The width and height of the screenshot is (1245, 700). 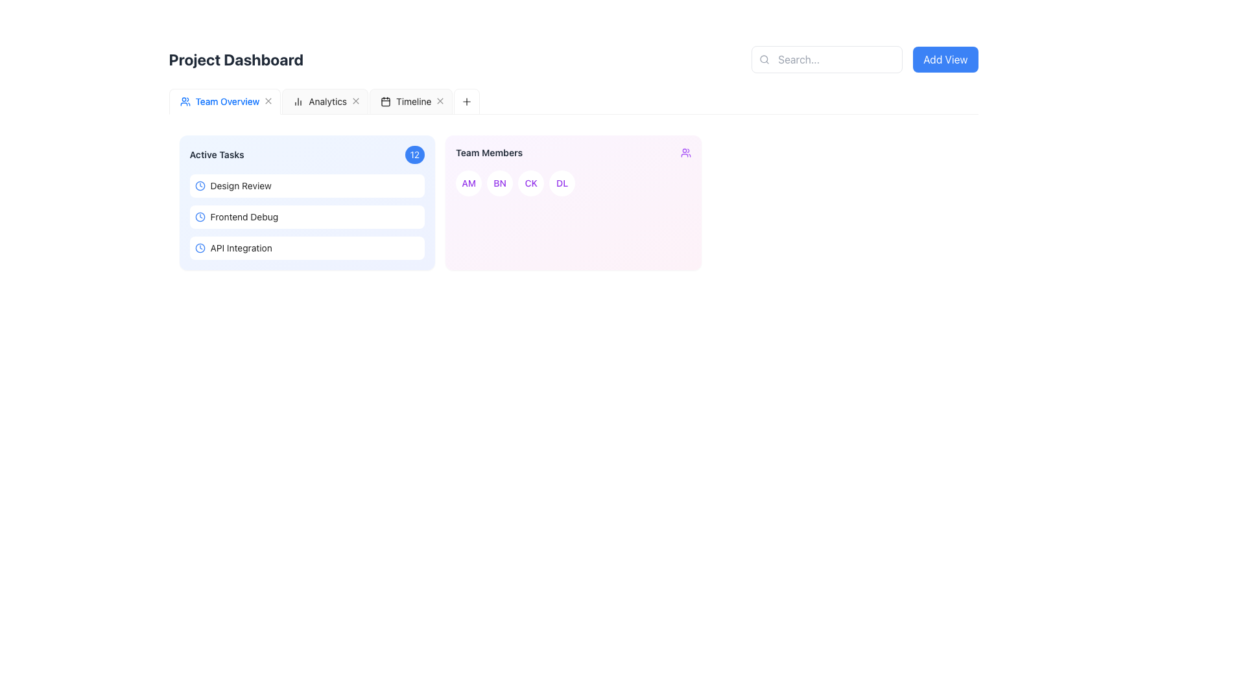 I want to click on the second circular avatar representing a team member in the 'Team Members' section of the interface, so click(x=499, y=183).